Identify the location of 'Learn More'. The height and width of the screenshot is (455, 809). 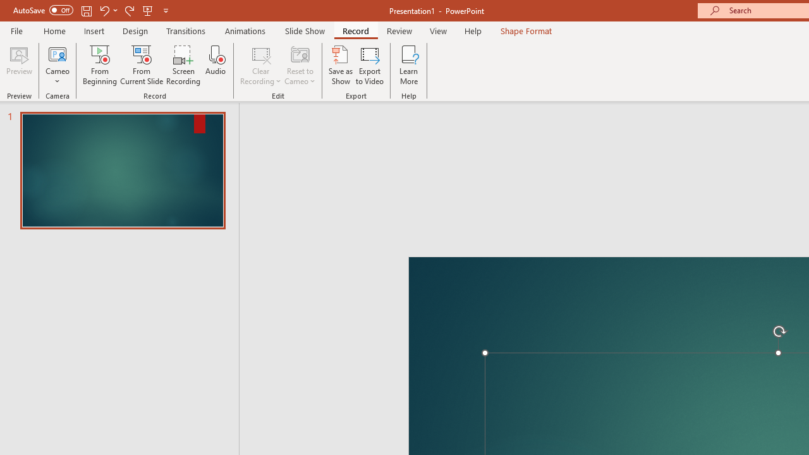
(409, 65).